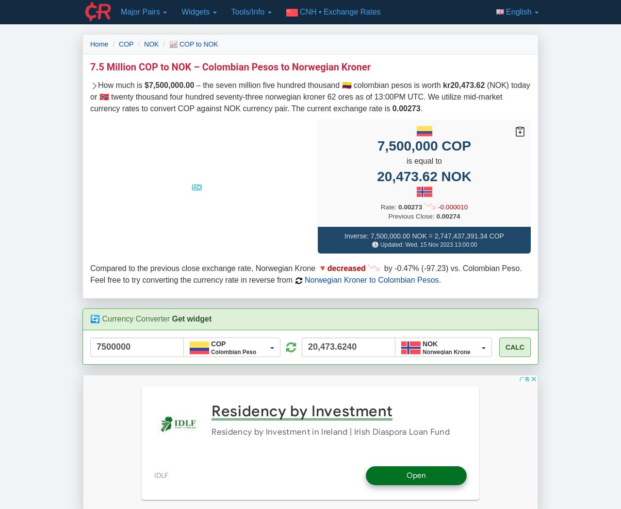  I want to click on '20,473.62 NOK', so click(424, 175).